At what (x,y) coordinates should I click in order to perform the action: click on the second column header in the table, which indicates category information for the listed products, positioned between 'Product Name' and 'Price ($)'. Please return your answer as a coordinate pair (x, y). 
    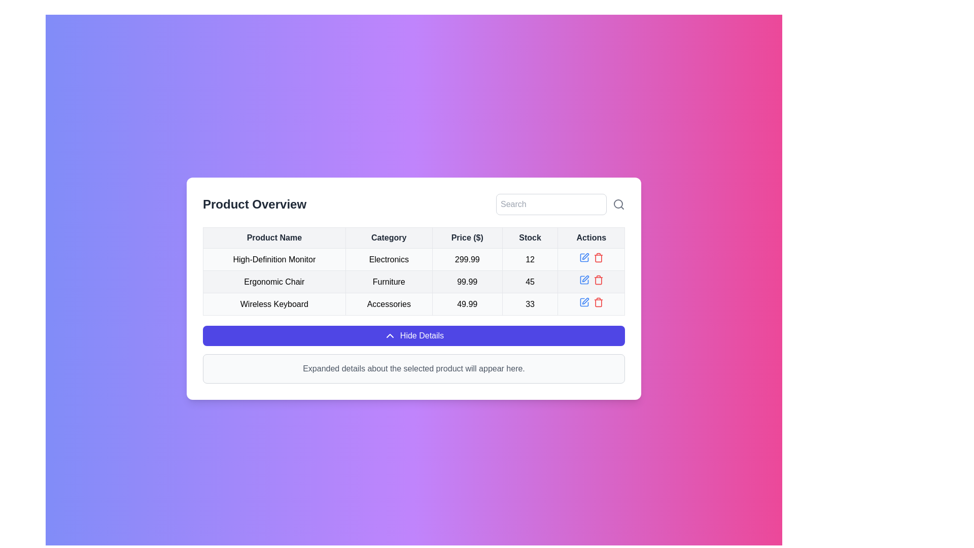
    Looking at the image, I should click on (388, 238).